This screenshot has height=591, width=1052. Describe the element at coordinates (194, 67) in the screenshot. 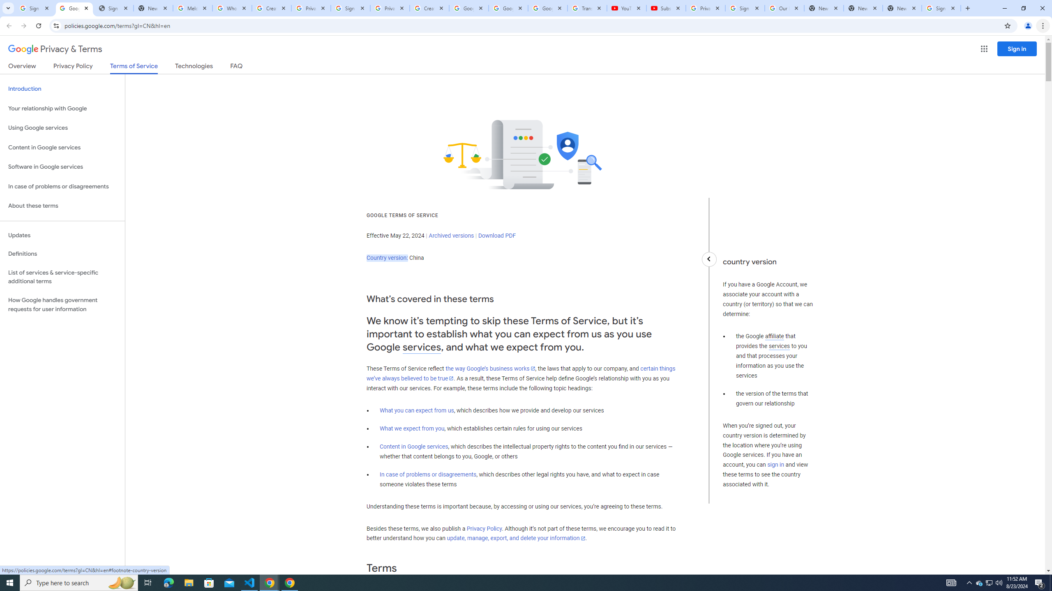

I see `'Technologies'` at that location.